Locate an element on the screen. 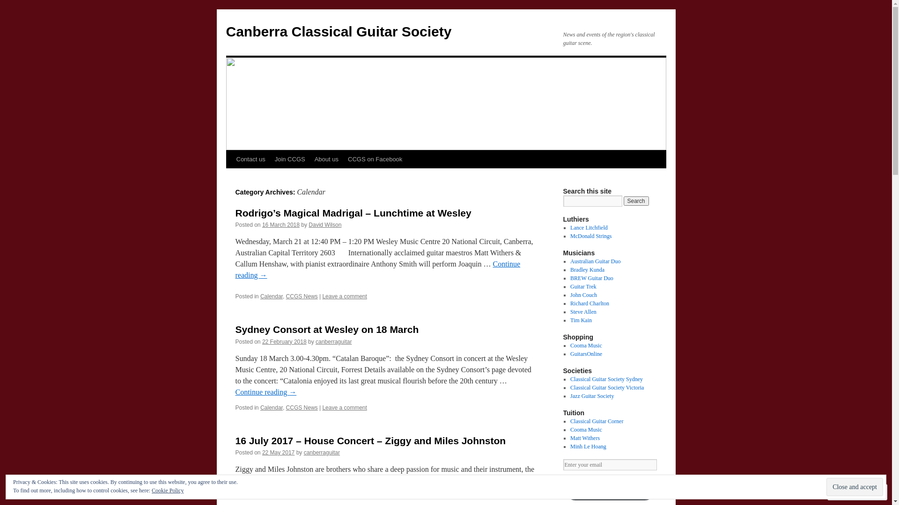 This screenshot has height=505, width=899. 'CCGS News' is located at coordinates (302, 407).